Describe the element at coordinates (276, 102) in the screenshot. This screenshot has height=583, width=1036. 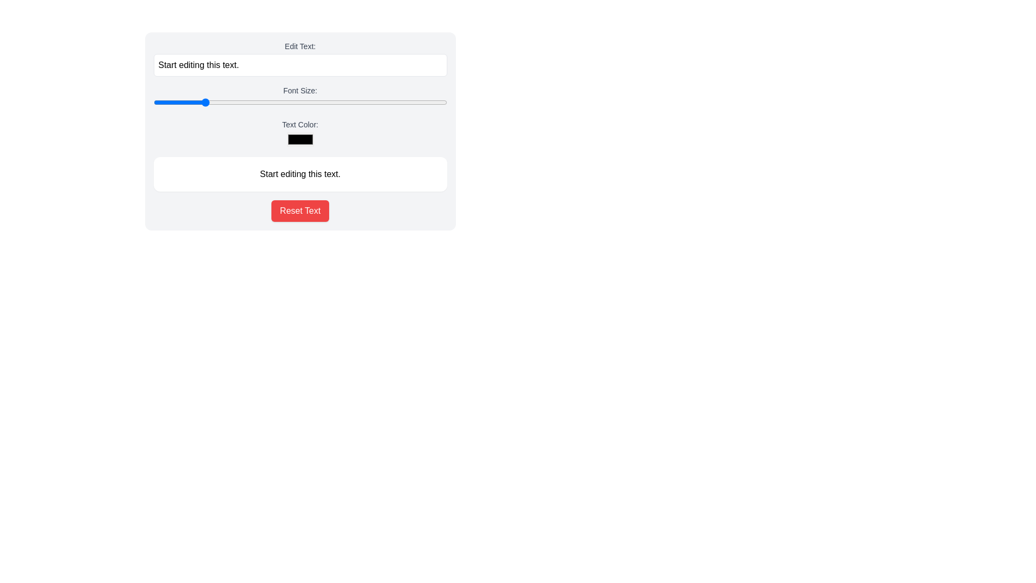
I see `font size` at that location.